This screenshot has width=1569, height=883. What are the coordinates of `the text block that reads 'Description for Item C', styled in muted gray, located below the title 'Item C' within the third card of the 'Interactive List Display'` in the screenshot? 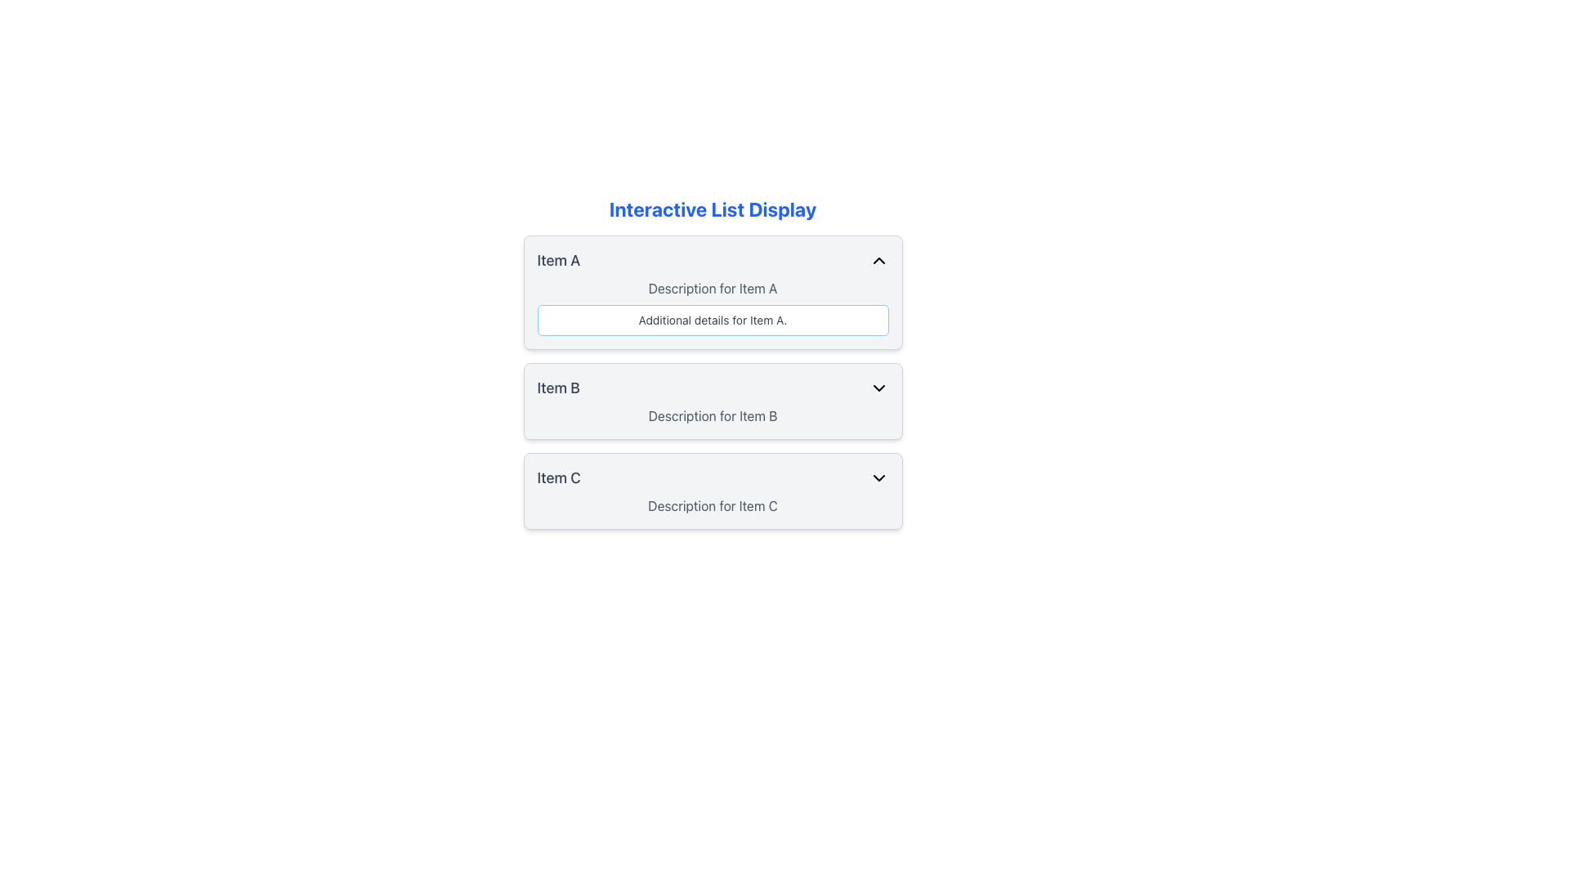 It's located at (713, 504).